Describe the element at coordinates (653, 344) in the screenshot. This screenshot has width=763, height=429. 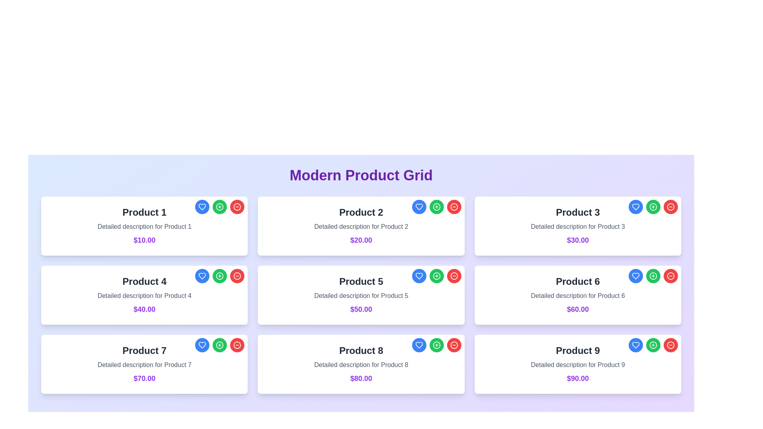
I see `the circular green button with a white plus icon, which is positioned between the blue heart button and the red minus button at the top right corner of the card for 'Product 9'` at that location.